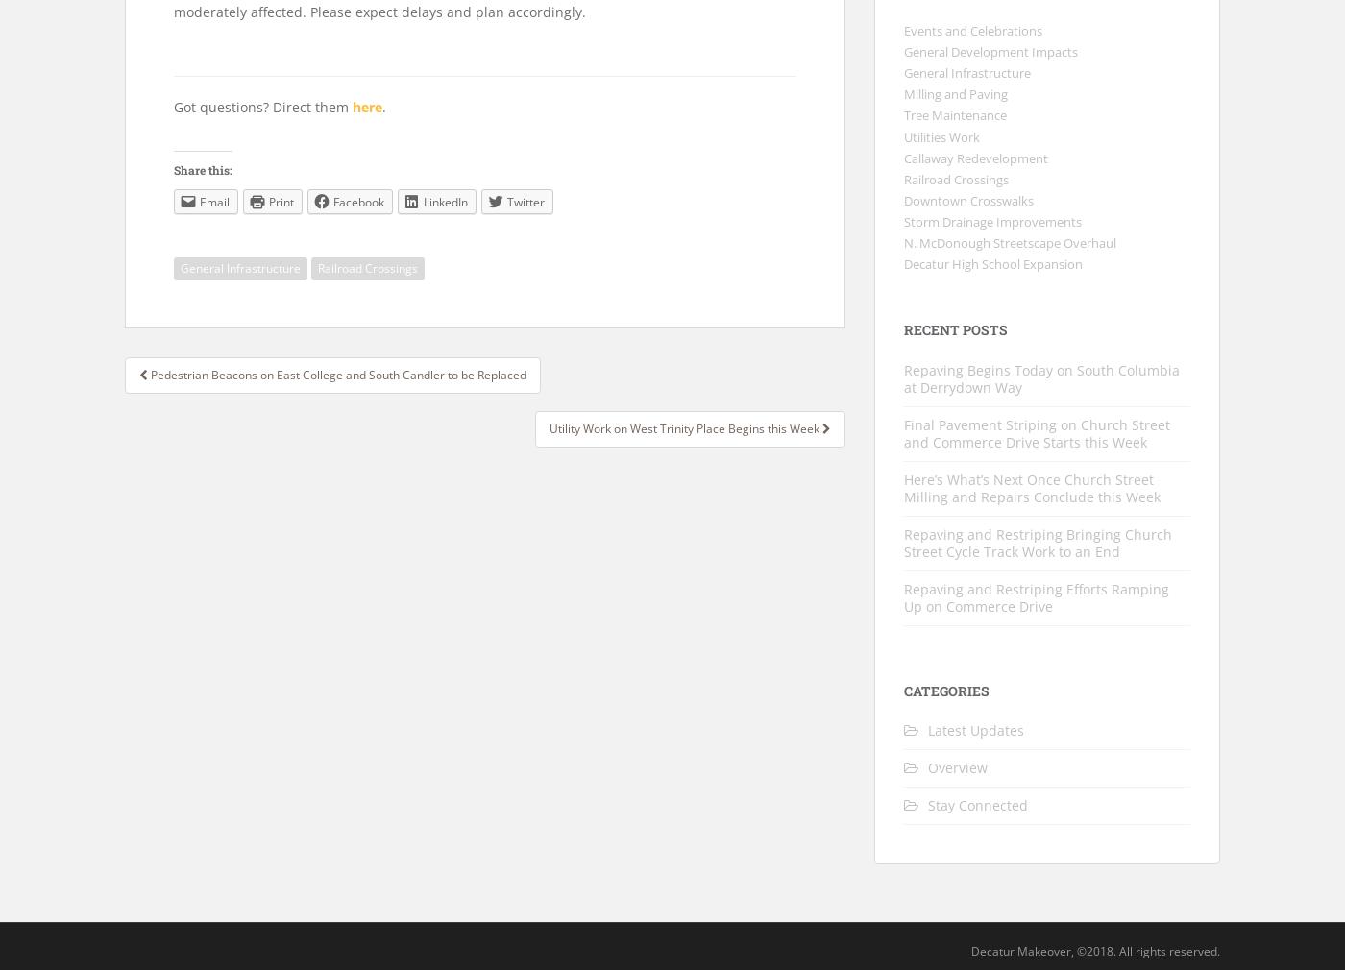 This screenshot has width=1345, height=970. What do you see at coordinates (957, 767) in the screenshot?
I see `'Overview'` at bounding box center [957, 767].